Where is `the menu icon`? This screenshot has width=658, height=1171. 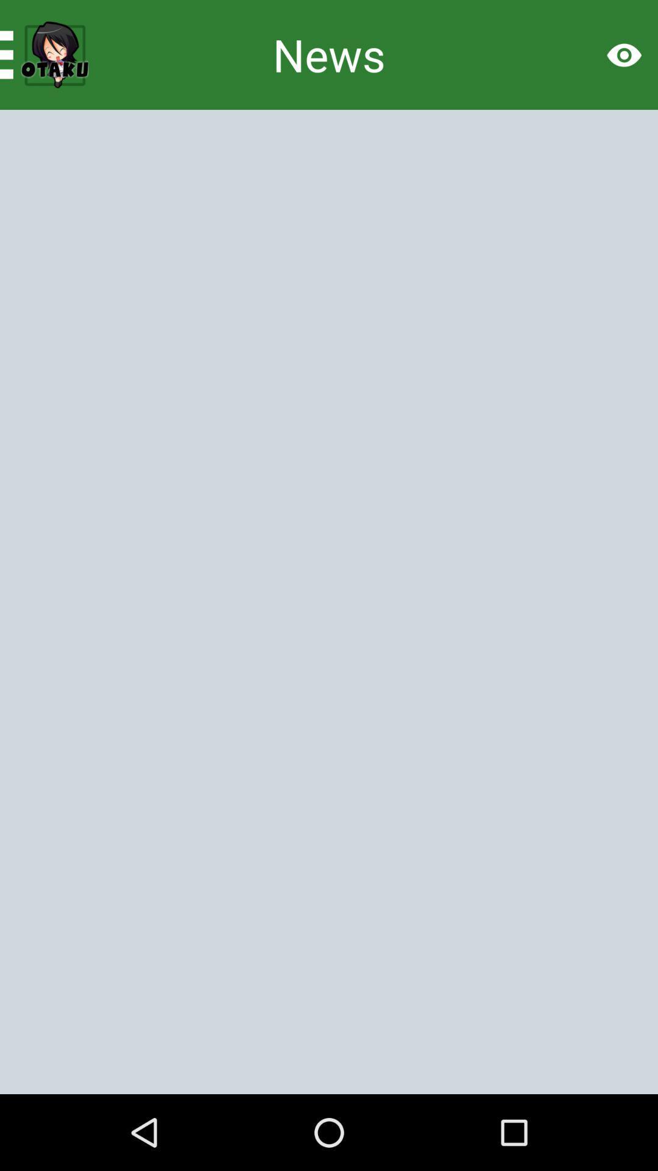
the menu icon is located at coordinates (6, 54).